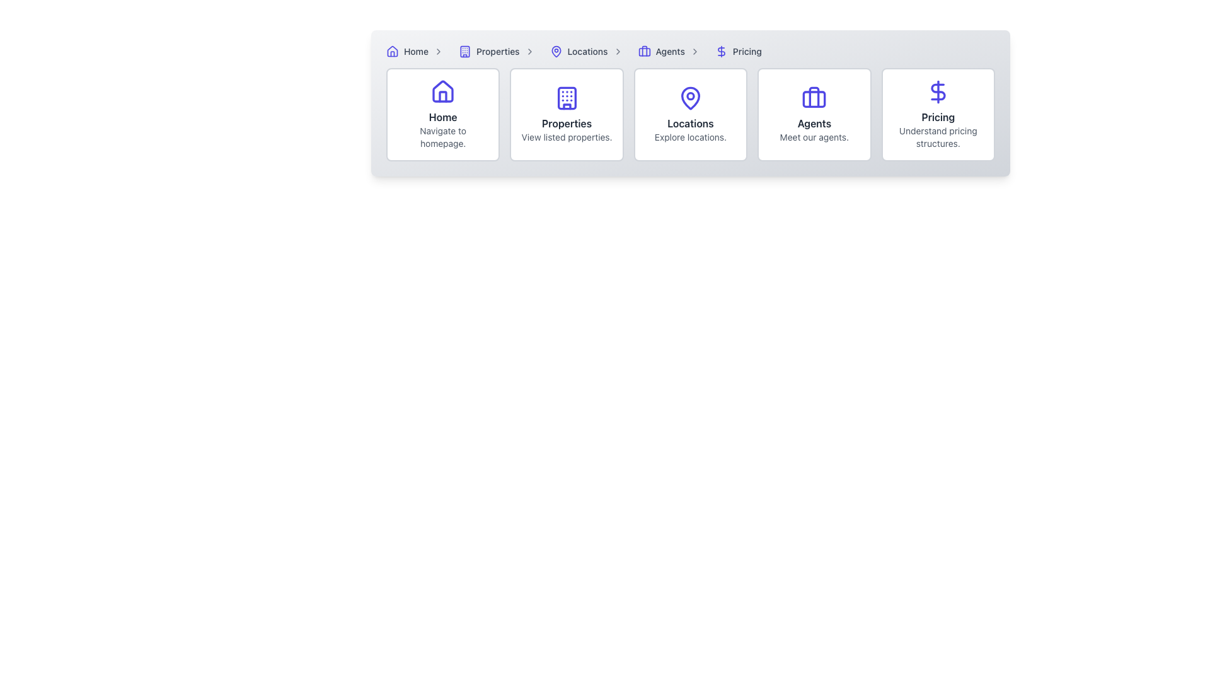  I want to click on the icon representing a building in the navigation bar, so click(464, 50).